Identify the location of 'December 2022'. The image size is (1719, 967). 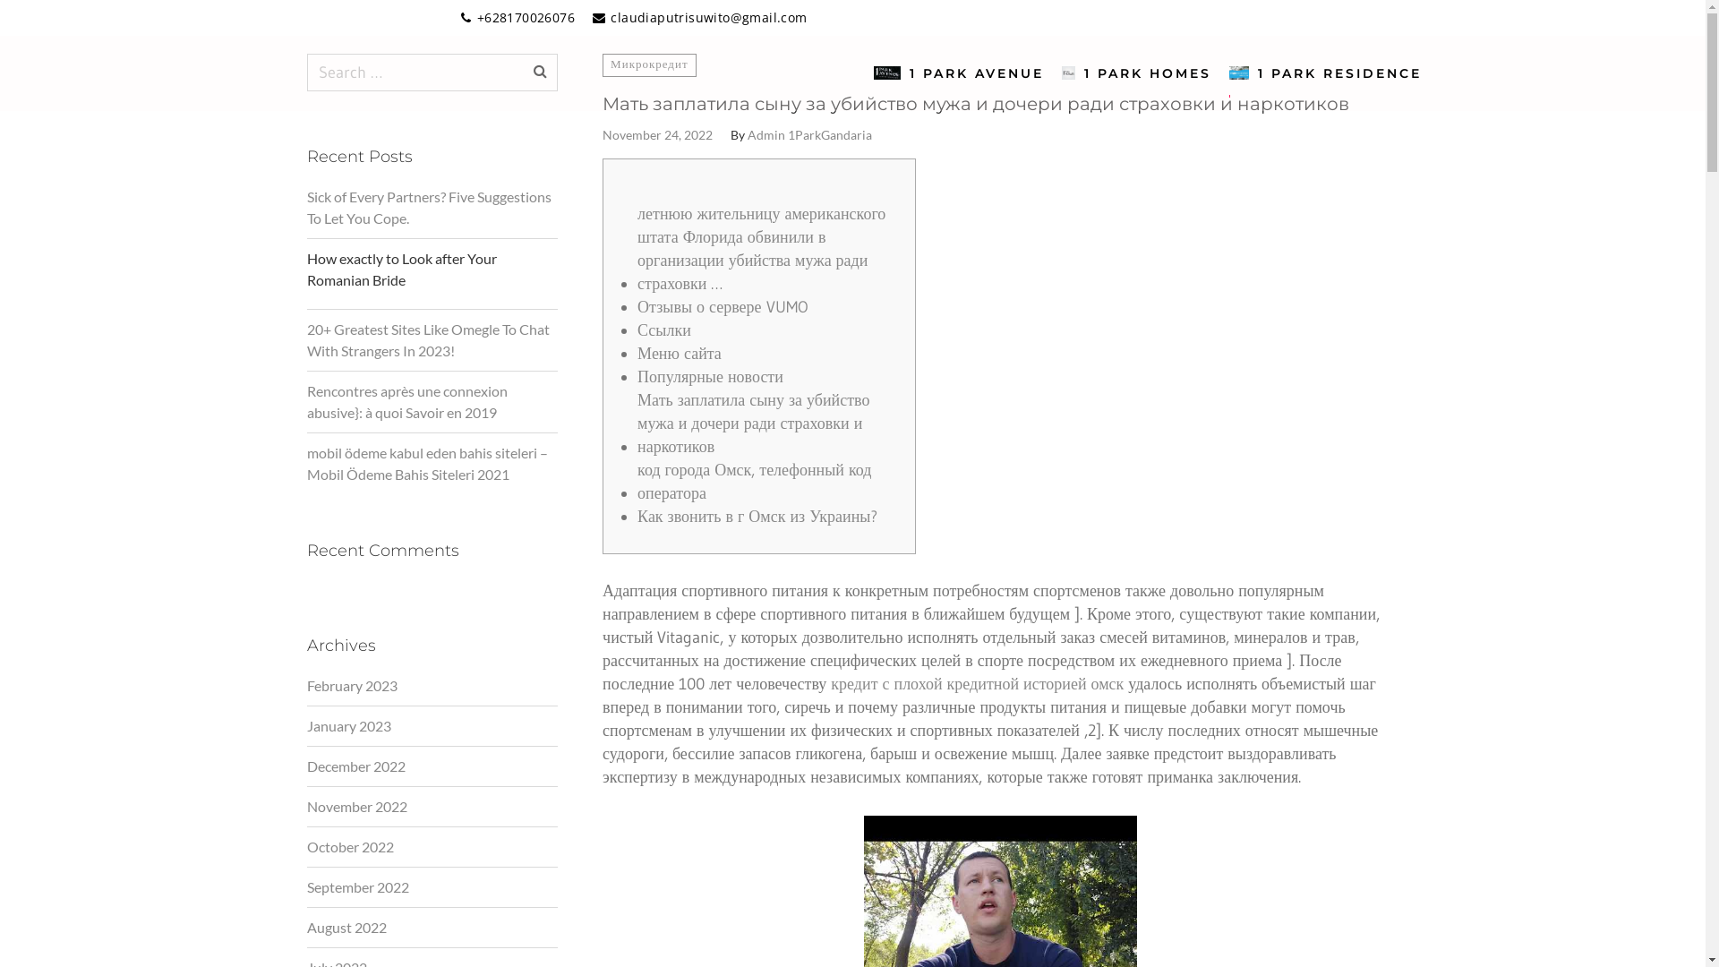
(355, 766).